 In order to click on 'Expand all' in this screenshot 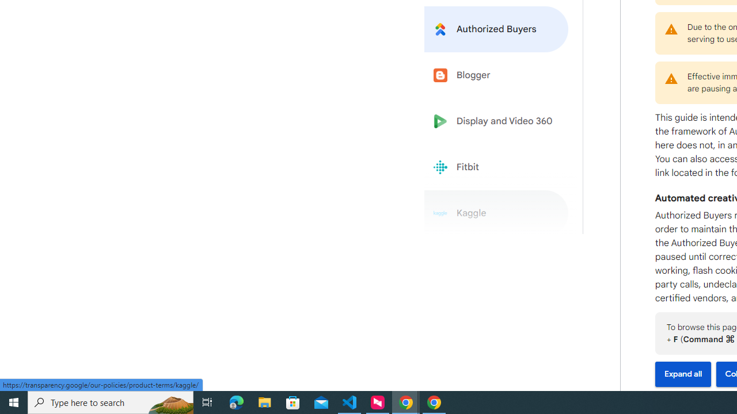, I will do `click(683, 374)`.